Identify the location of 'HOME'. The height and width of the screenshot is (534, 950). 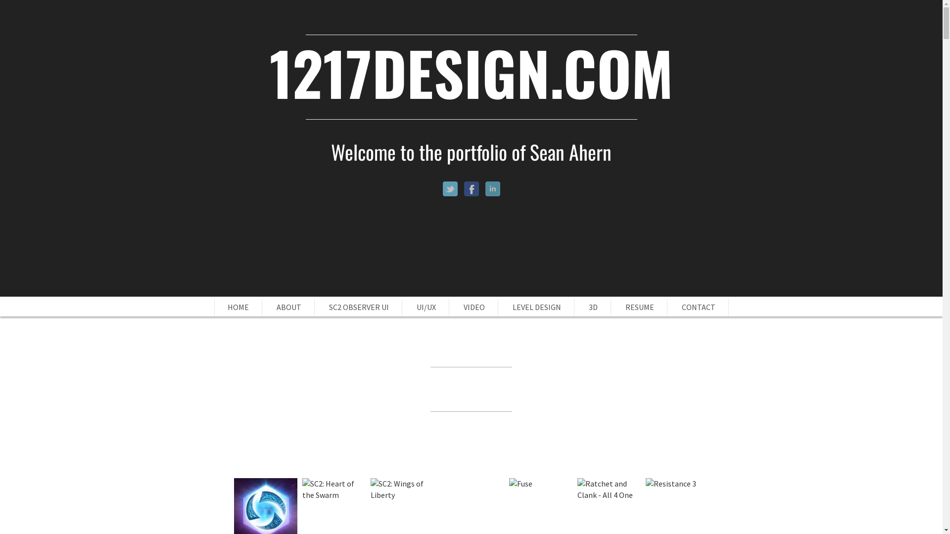
(238, 307).